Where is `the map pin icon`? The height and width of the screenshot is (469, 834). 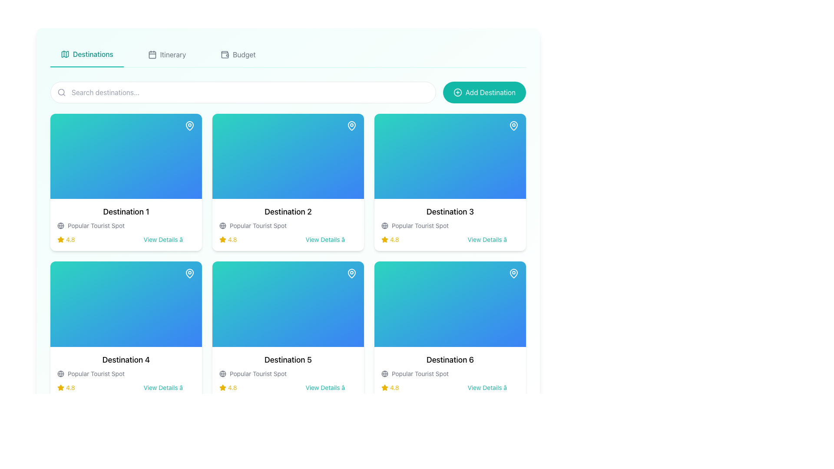
the map pin icon is located at coordinates (513, 273).